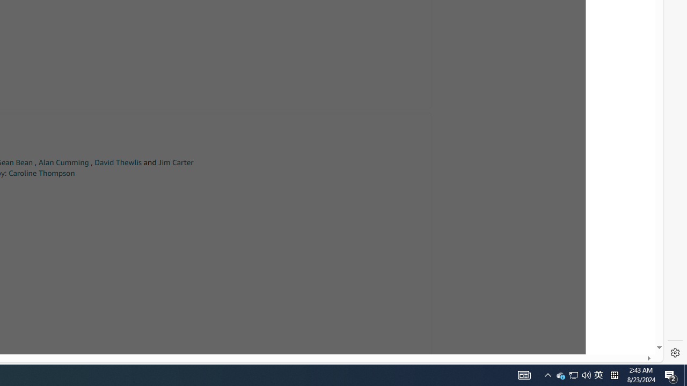 The width and height of the screenshot is (687, 386). What do you see at coordinates (41, 173) in the screenshot?
I see `'Caroline Thompson'` at bounding box center [41, 173].